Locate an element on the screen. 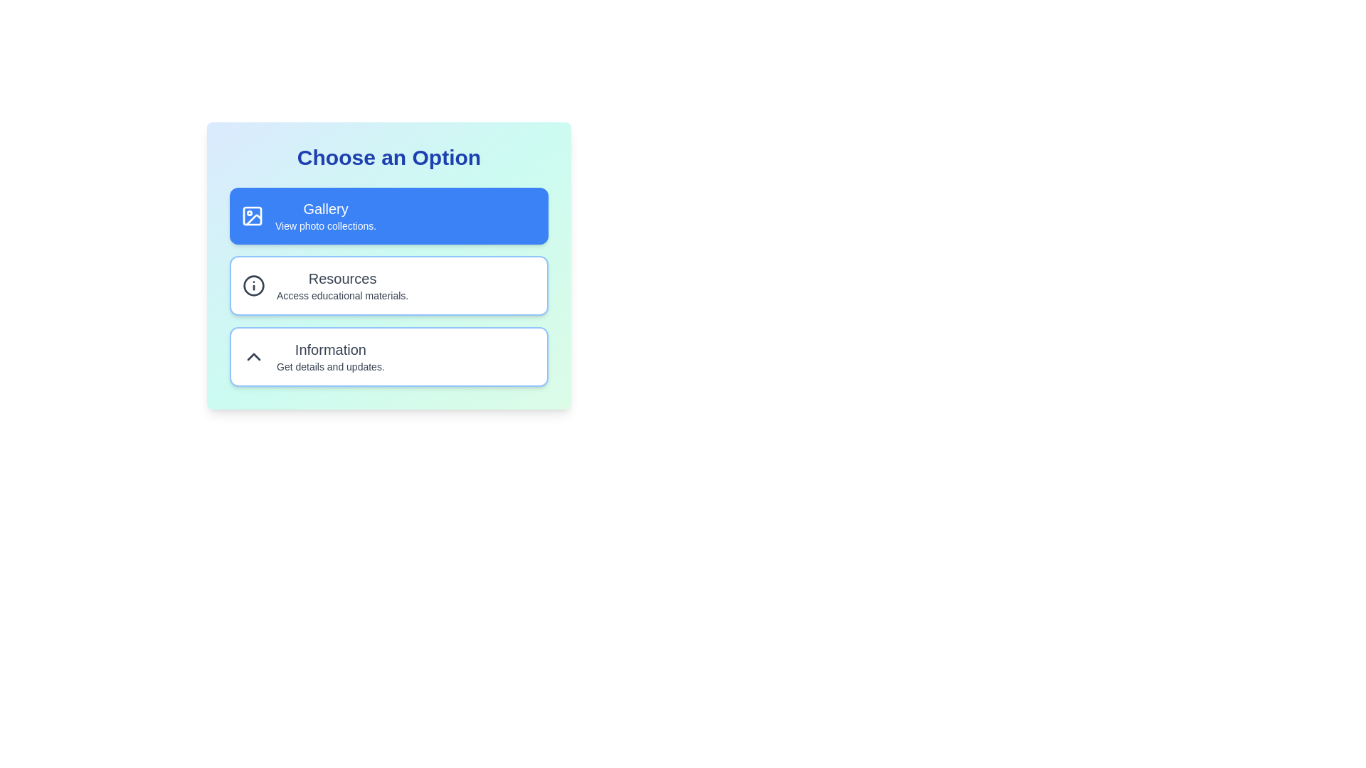 The width and height of the screenshot is (1366, 768). the informational text label located below the 'Information' section title, which serves as supplementary context is located at coordinates (329, 366).